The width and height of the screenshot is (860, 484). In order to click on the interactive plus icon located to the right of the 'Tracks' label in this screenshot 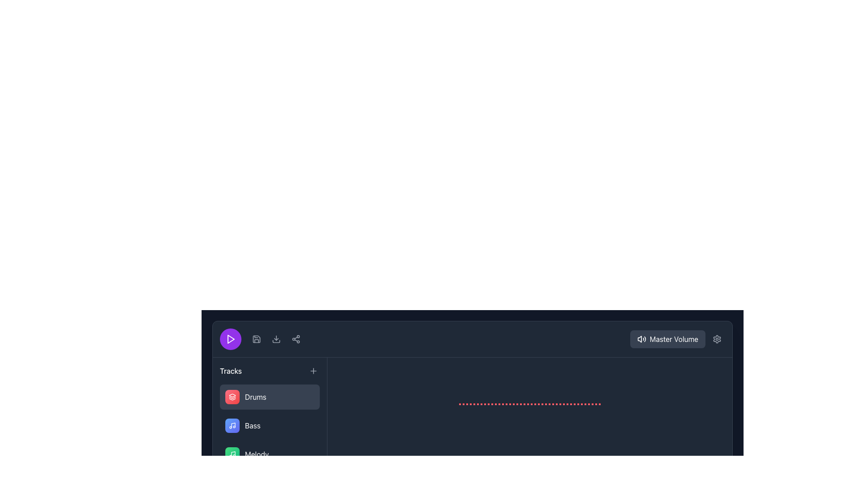, I will do `click(314, 371)`.